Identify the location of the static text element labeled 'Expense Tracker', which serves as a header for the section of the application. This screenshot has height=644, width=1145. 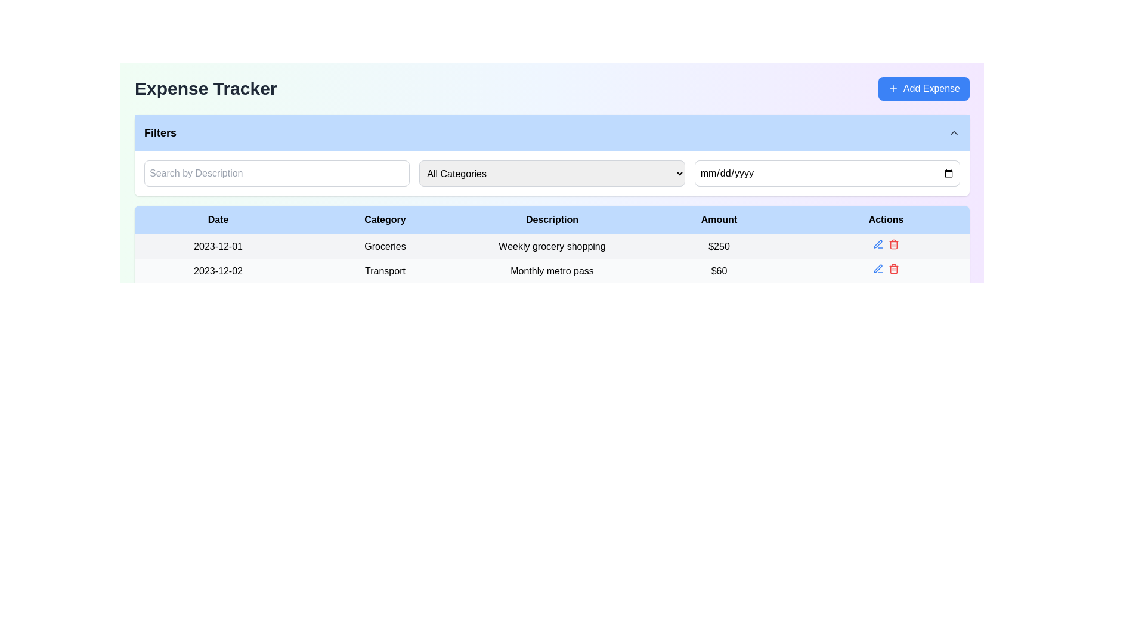
(206, 88).